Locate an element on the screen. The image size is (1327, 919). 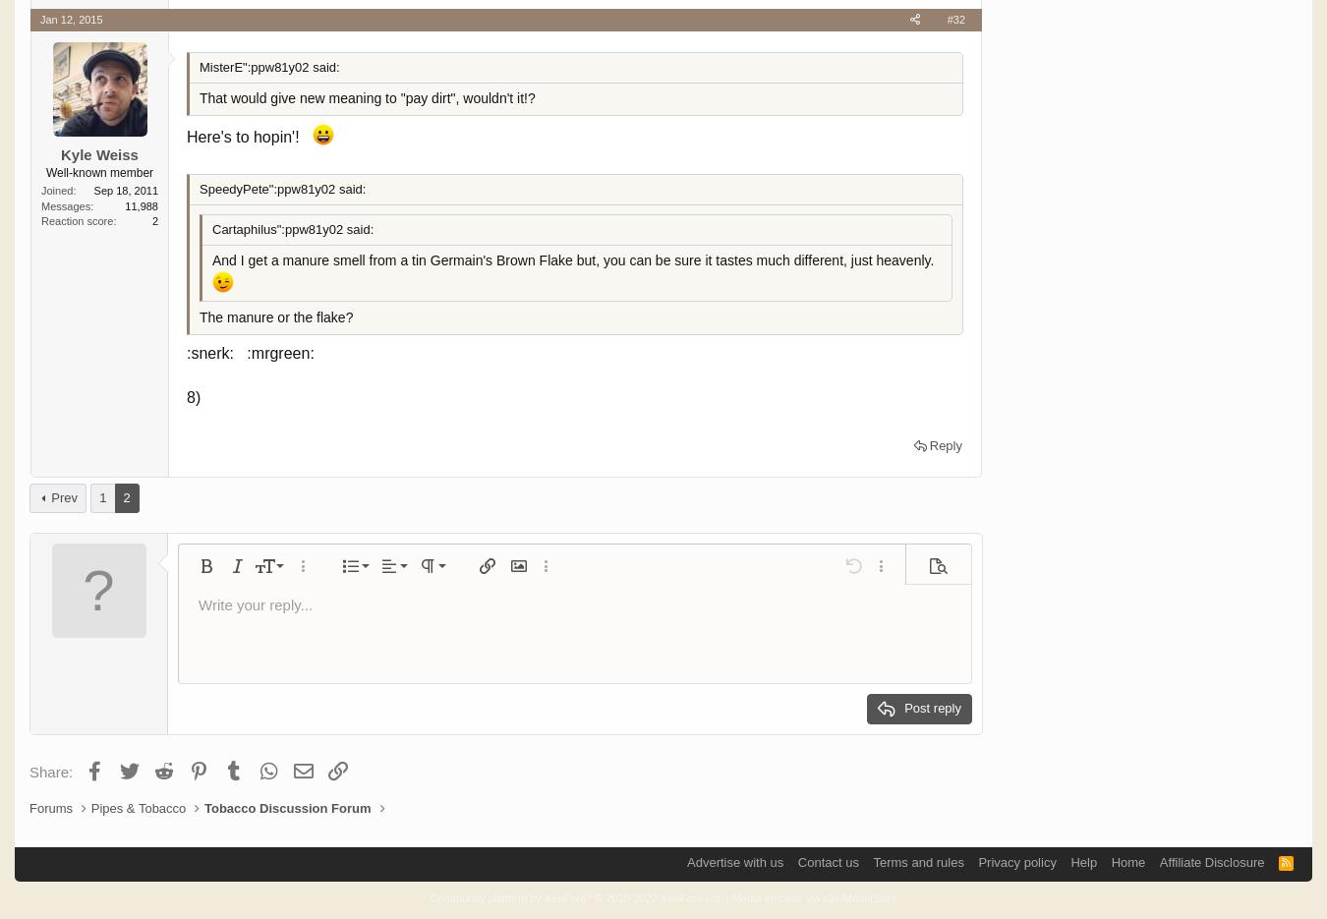
'Forums' is located at coordinates (49, 807).